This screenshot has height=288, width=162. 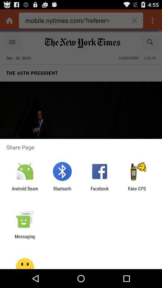 What do you see at coordinates (100, 191) in the screenshot?
I see `app next to fake gps` at bounding box center [100, 191].